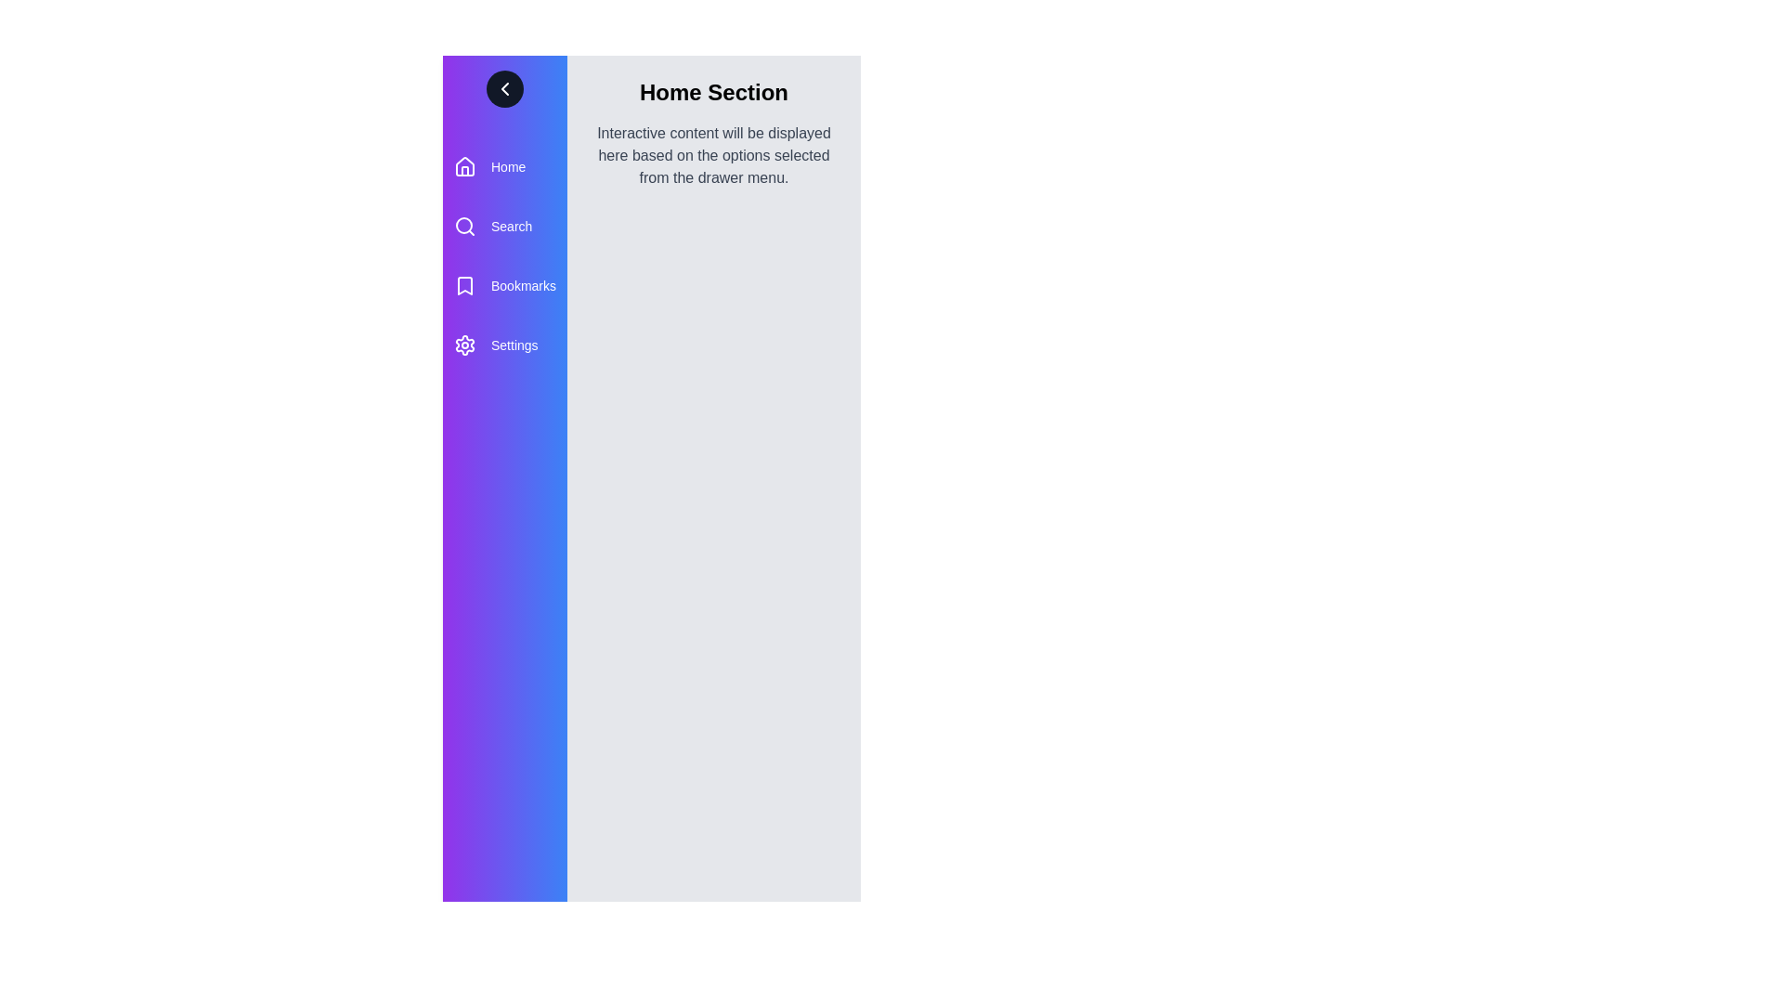 The width and height of the screenshot is (1783, 1003). Describe the element at coordinates (504, 286) in the screenshot. I see `the menu item Bookmarks from the drawer` at that location.